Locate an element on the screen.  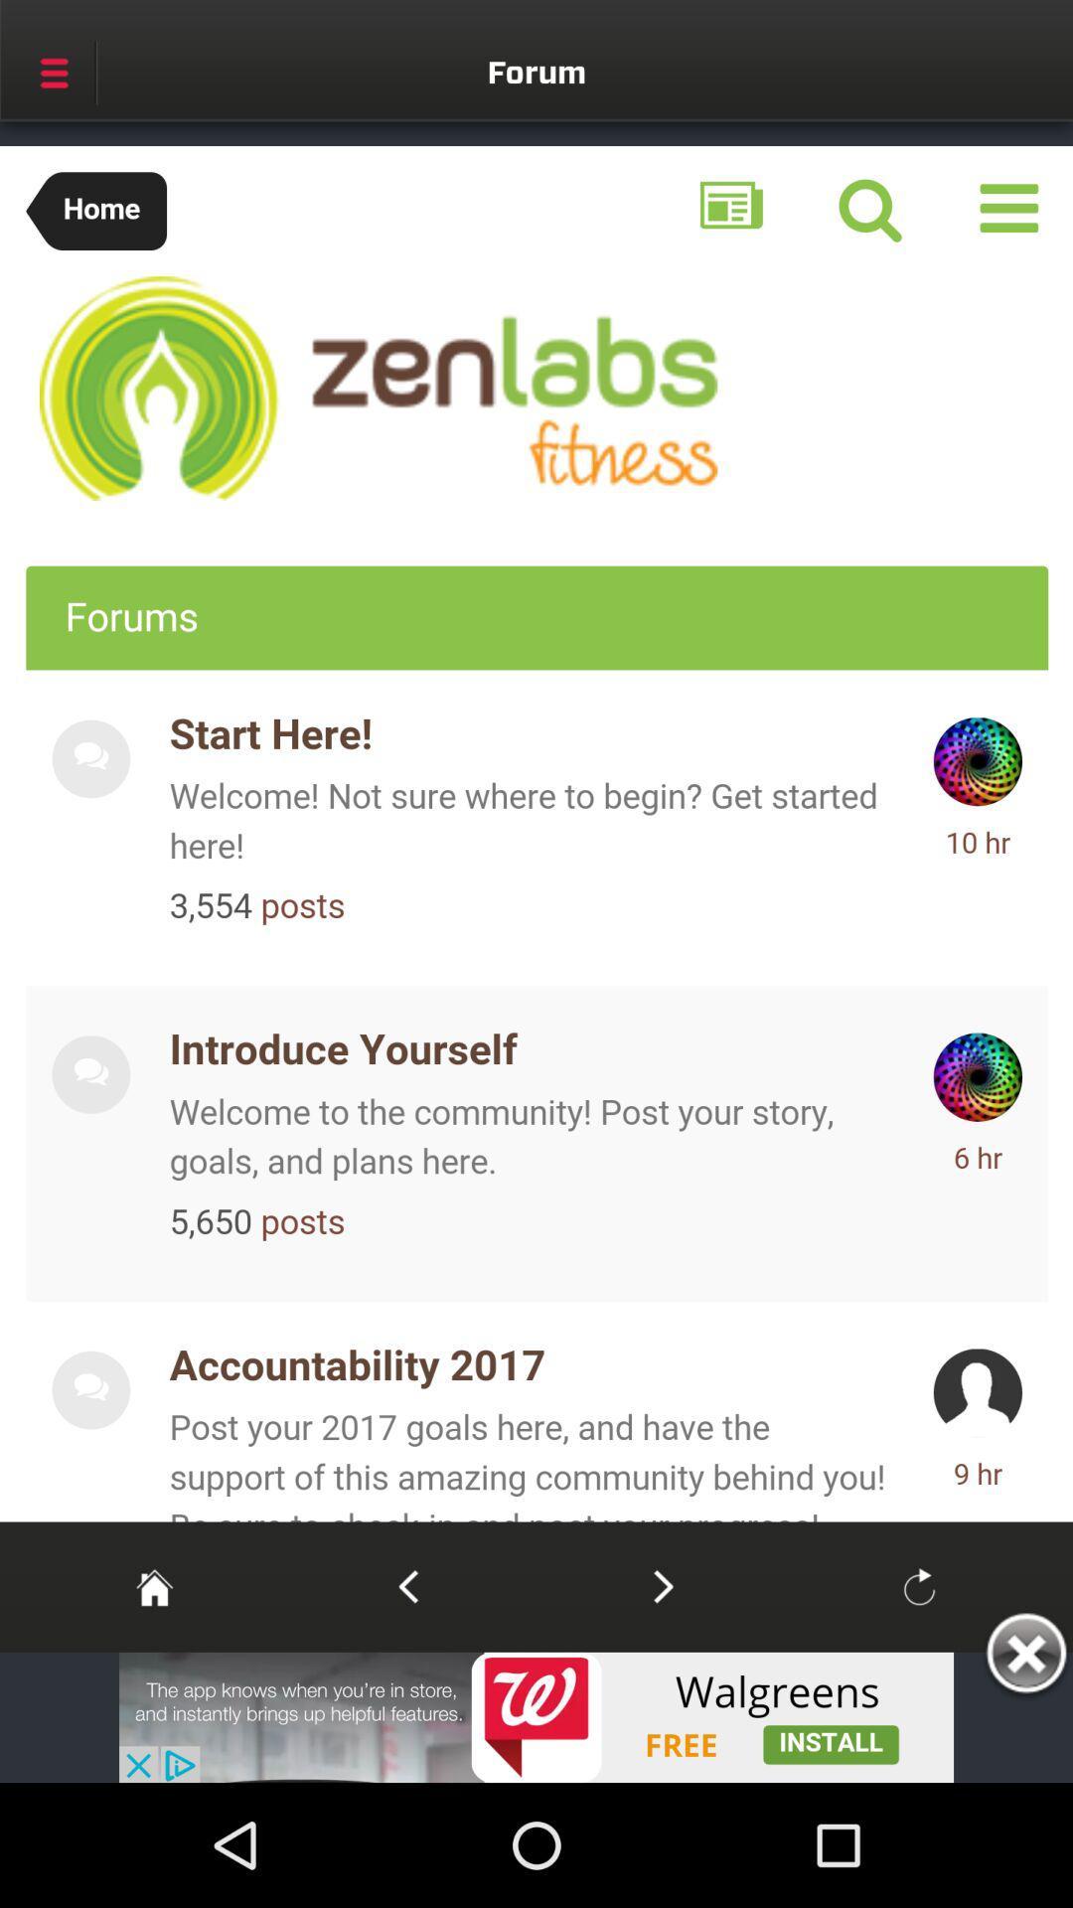
back buttons is located at coordinates (407, 1585).